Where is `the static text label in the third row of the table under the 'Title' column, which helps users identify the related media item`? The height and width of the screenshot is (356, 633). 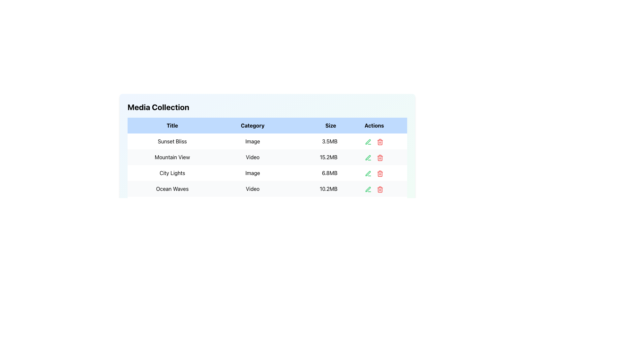 the static text label in the third row of the table under the 'Title' column, which helps users identify the related media item is located at coordinates (172, 172).